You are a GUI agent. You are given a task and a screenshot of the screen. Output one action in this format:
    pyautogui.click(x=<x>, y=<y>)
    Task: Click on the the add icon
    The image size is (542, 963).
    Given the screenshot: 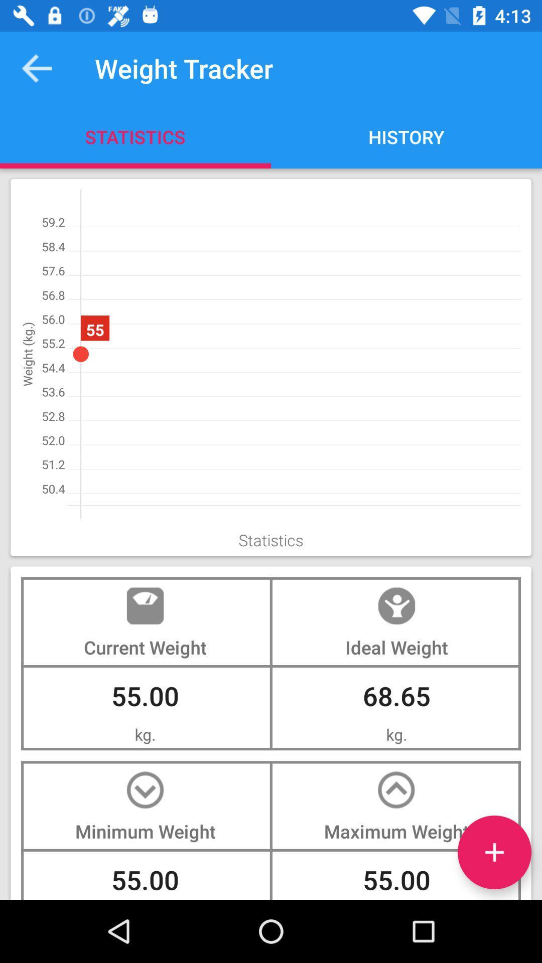 What is the action you would take?
    pyautogui.click(x=494, y=852)
    